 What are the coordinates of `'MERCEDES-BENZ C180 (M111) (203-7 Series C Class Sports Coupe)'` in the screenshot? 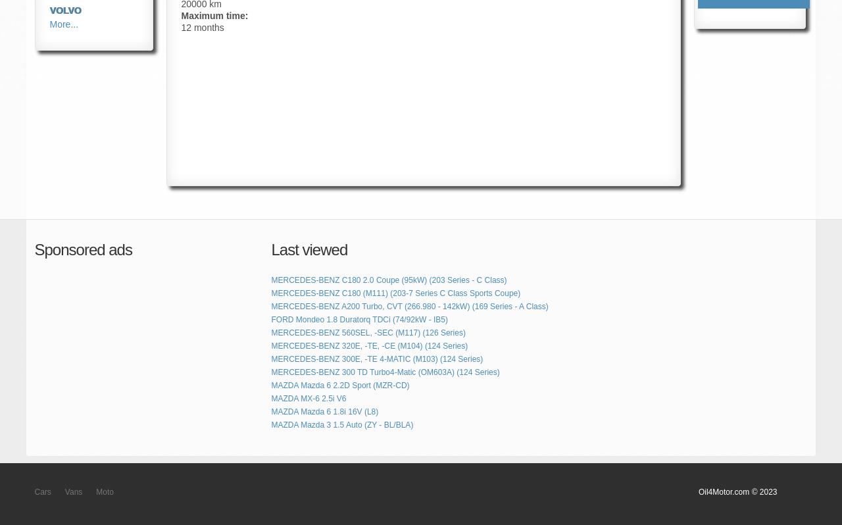 It's located at (270, 293).